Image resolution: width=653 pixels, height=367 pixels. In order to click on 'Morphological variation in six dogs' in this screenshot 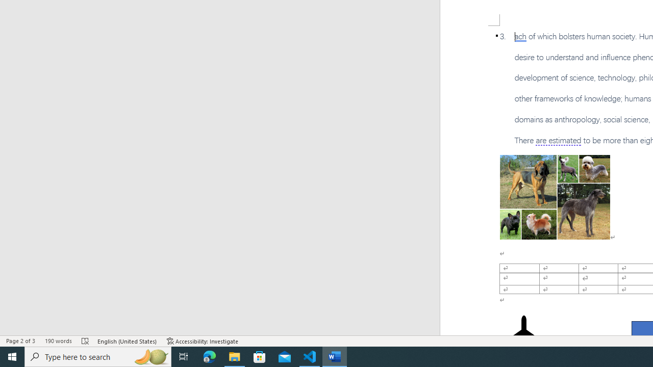, I will do `click(555, 197)`.